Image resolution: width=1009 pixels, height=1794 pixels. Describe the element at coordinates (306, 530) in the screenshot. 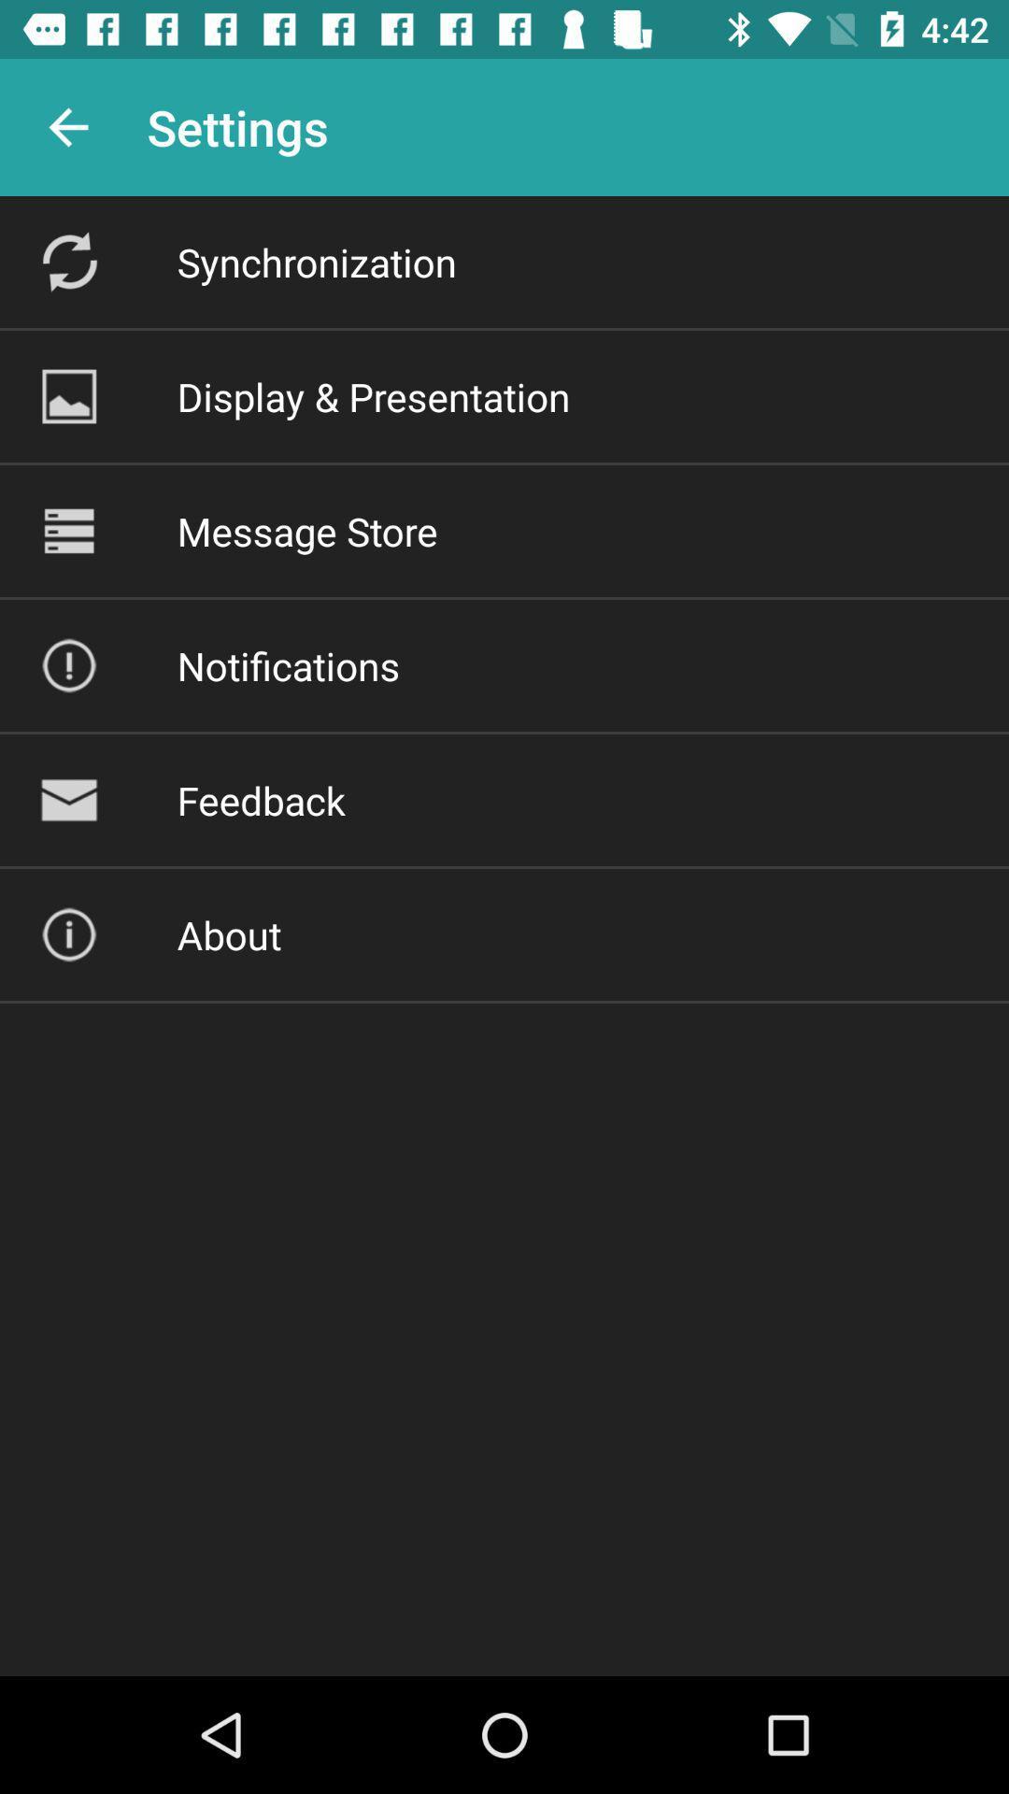

I see `the item below the display & presentation` at that location.